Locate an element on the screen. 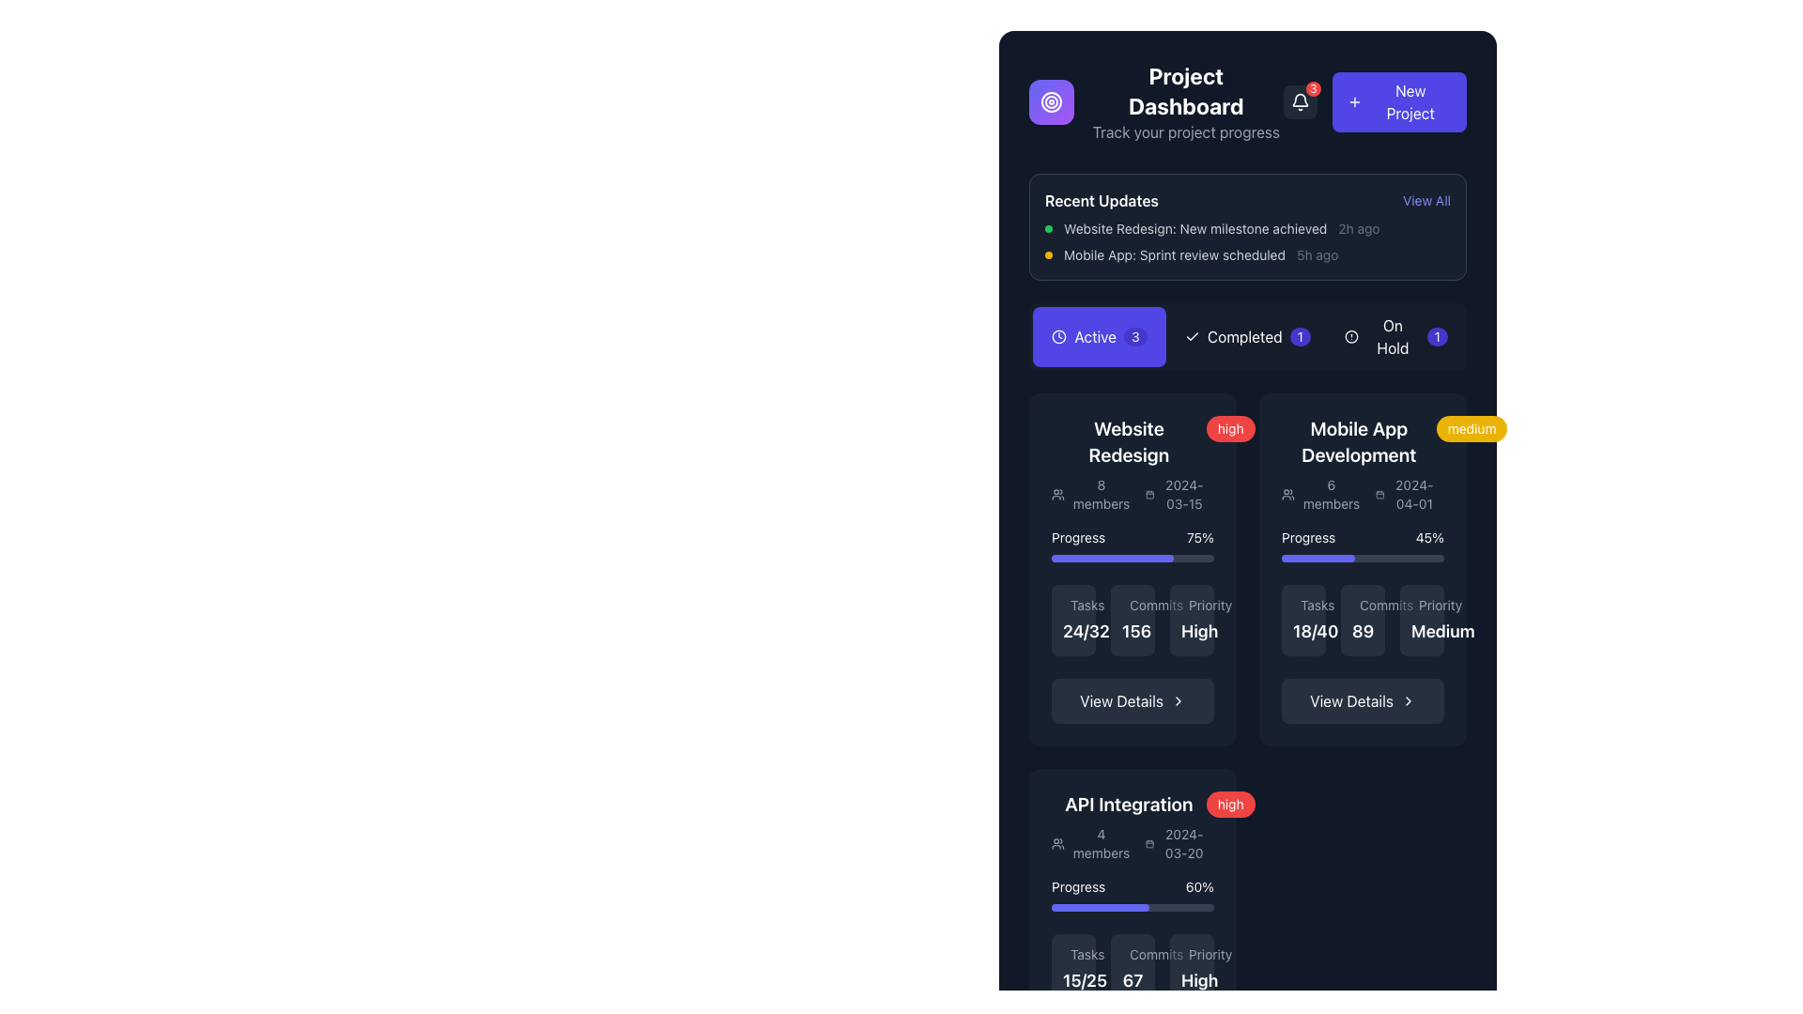 Image resolution: width=1803 pixels, height=1014 pixels. the 'Create New Project' button located at the top-right corner of the dashboard interface, next to the notification icon, to initiate the creation process is located at coordinates (1398, 101).